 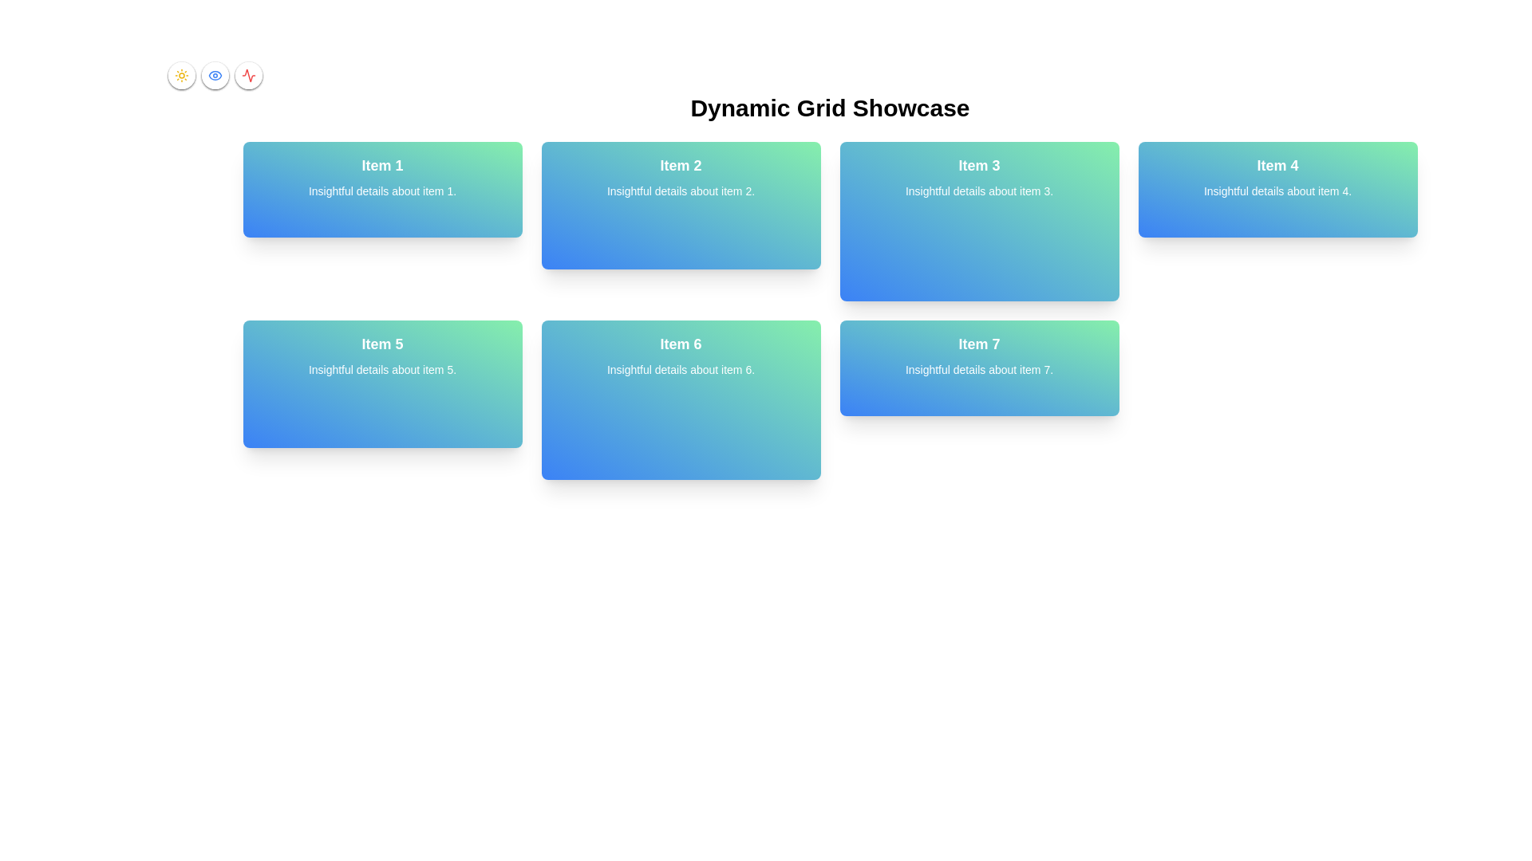 What do you see at coordinates (681, 190) in the screenshot?
I see `text label displaying 'Insightful details about item 2.' which is located below the heading 'Item 2' in the second card from the left` at bounding box center [681, 190].